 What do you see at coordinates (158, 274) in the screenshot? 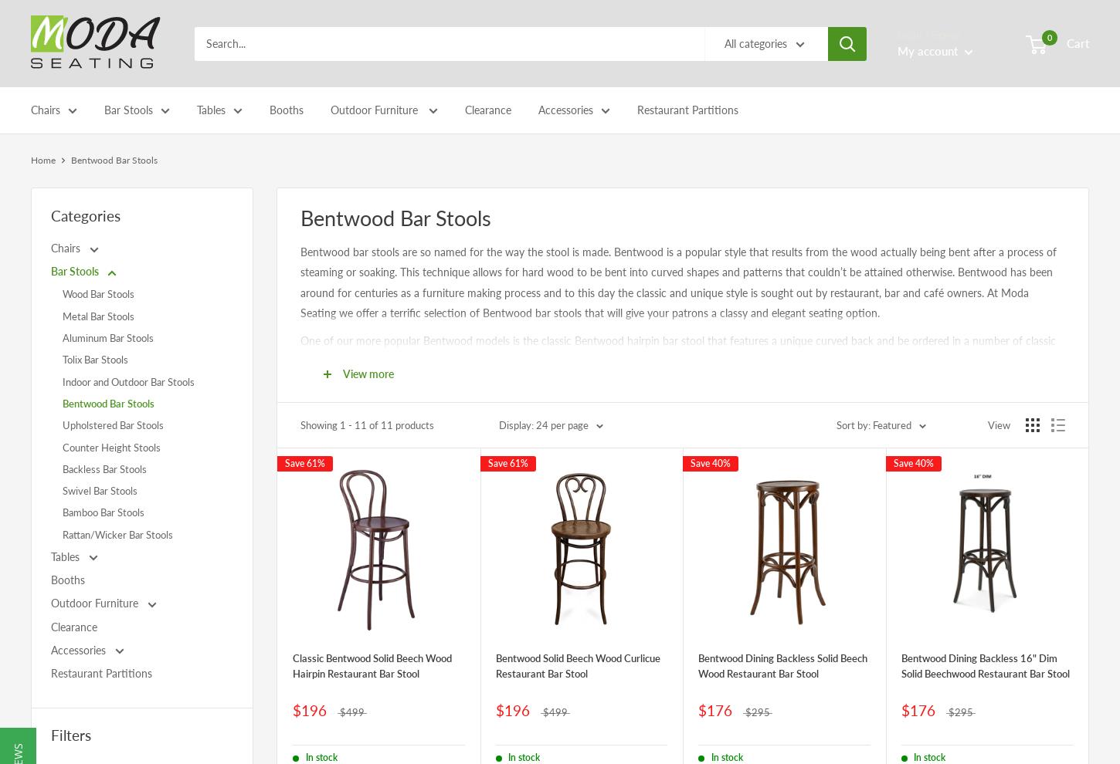
I see `'Bentwood Bar Stools'` at bounding box center [158, 274].